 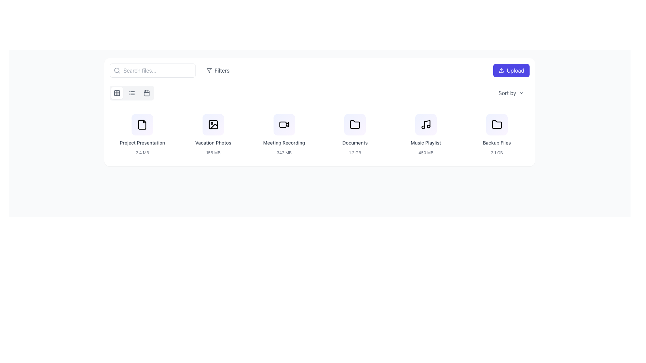 I want to click on the playback symbol icon, which is a triangular shape pointing to the right, located centrally within the 'Meeting Recording' card on the second row of the interface for visual feedback, so click(x=287, y=124).